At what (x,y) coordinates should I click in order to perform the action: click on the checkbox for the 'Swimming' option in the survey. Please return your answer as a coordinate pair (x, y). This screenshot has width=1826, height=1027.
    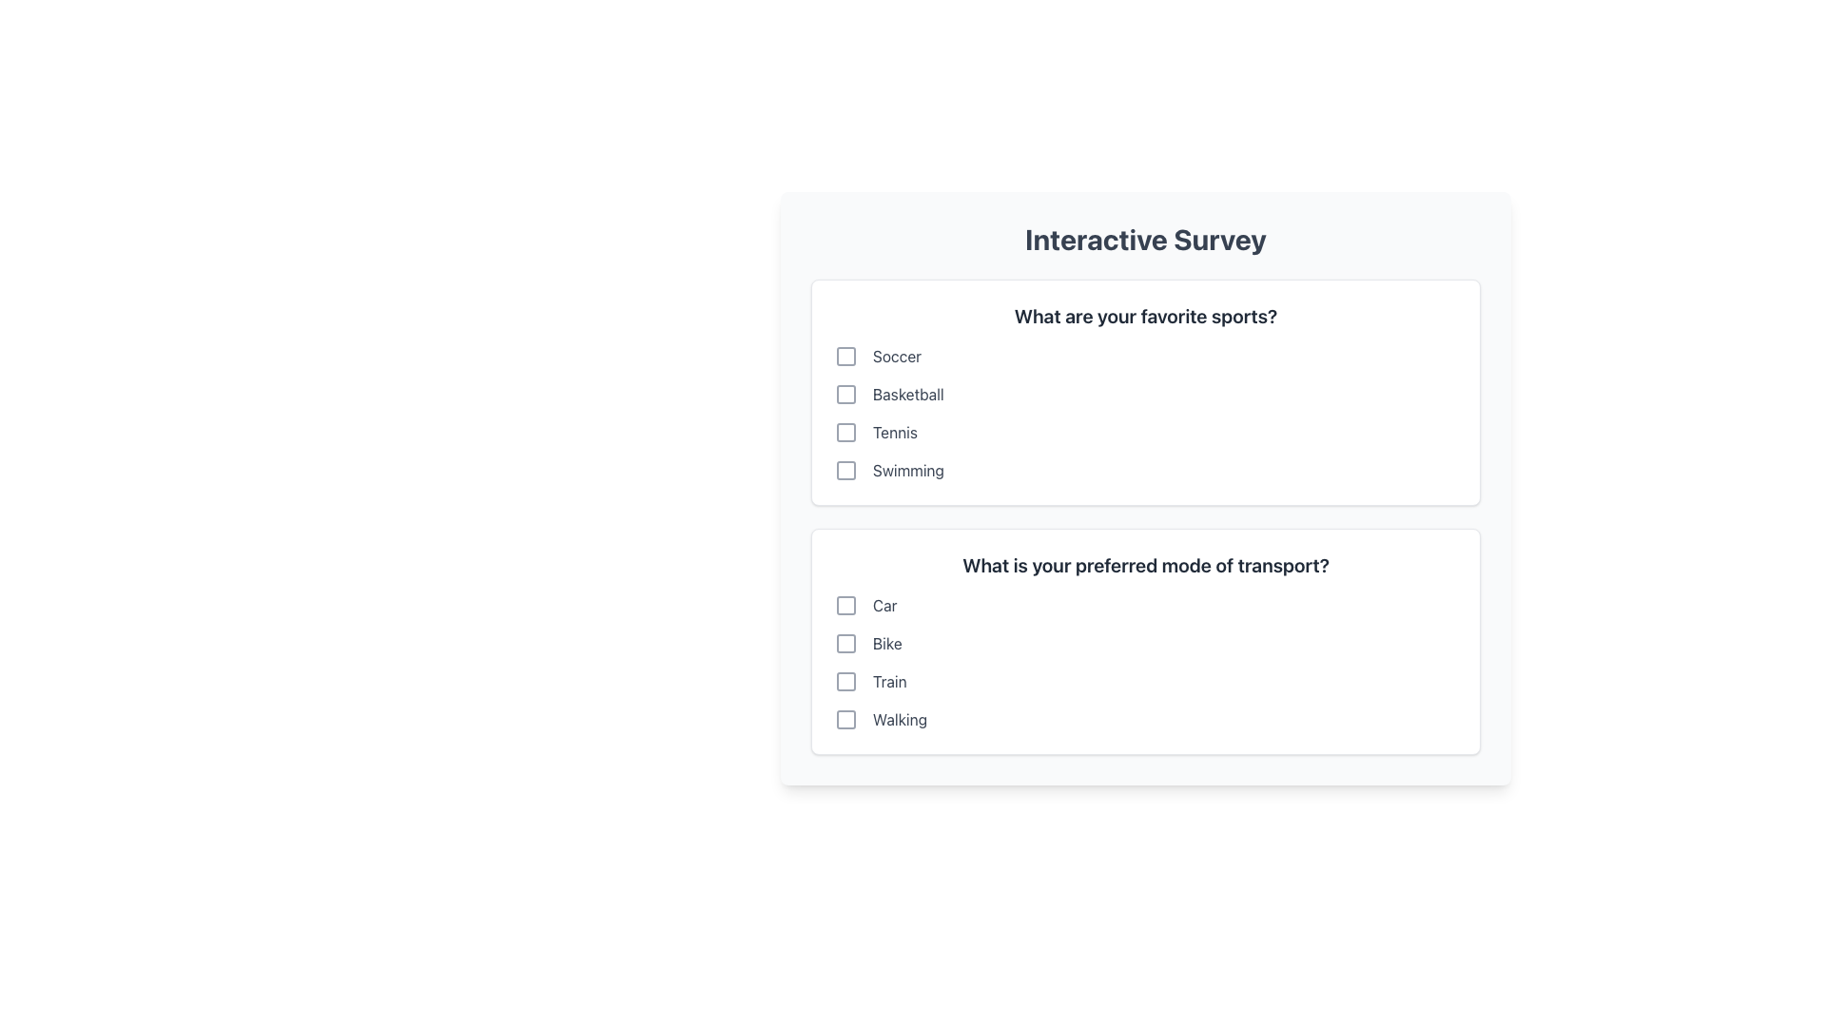
    Looking at the image, I should click on (845, 470).